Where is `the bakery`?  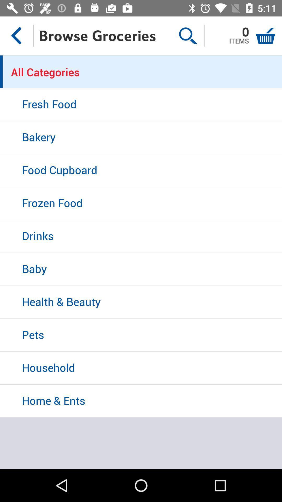
the bakery is located at coordinates (141, 138).